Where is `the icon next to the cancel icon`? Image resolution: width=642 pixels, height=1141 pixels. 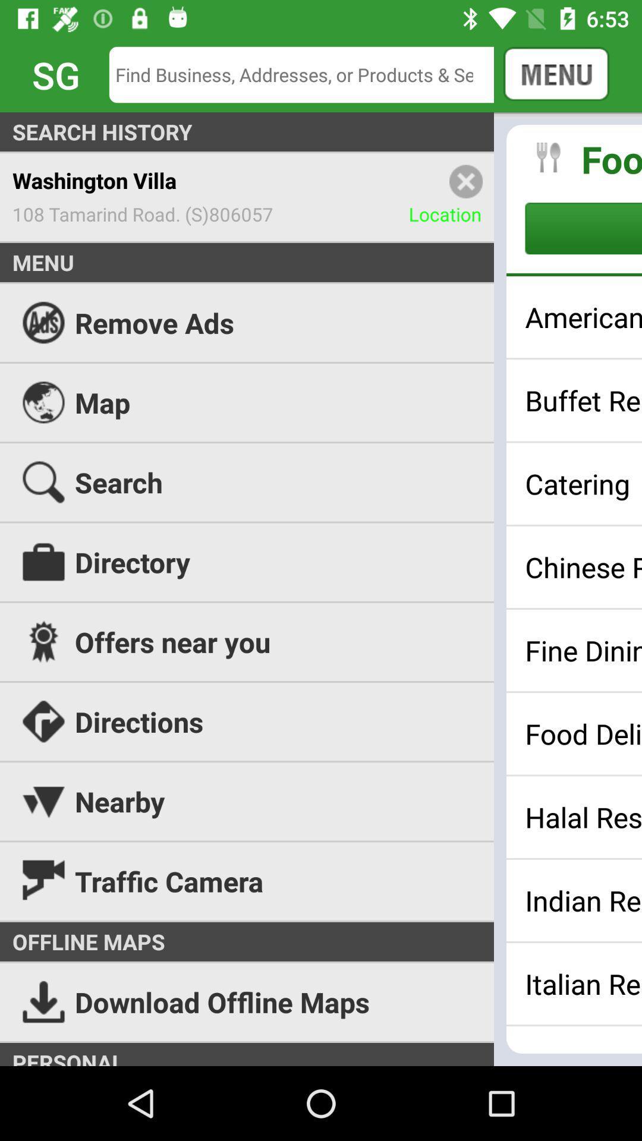 the icon next to the cancel icon is located at coordinates (310, 74).